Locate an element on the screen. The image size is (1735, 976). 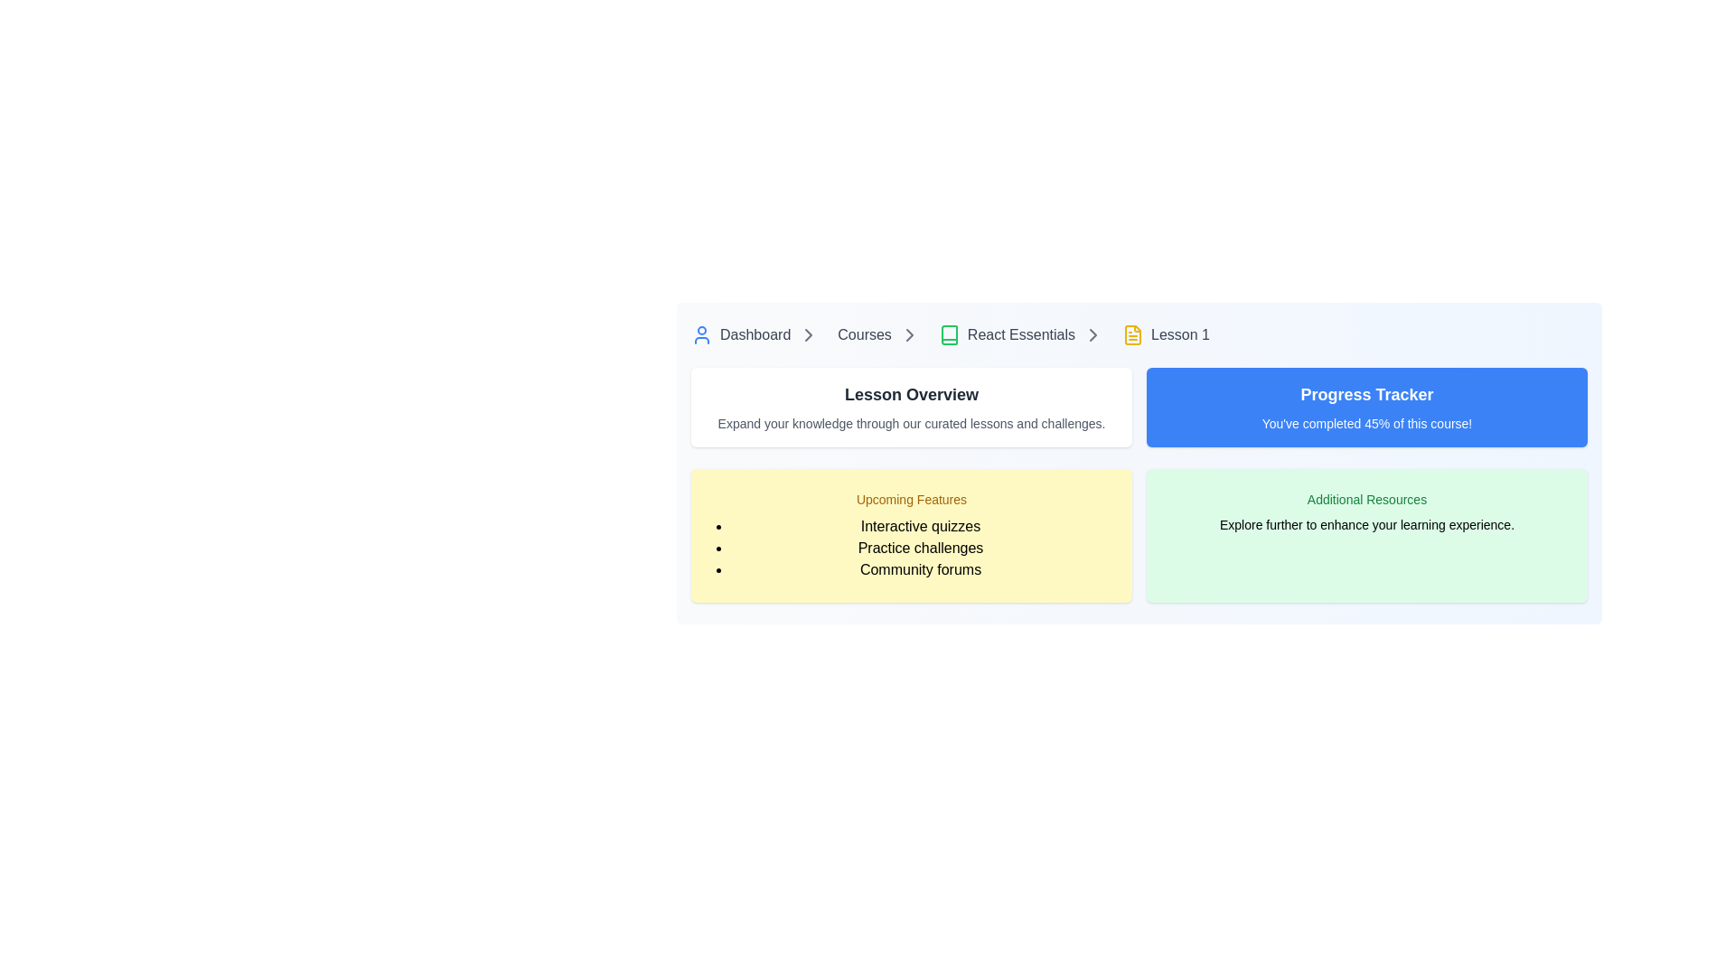
the small green book icon located between the 'Courses' and 'React Essentials' labels in the breadcrumb navigation at the top of the page for context information is located at coordinates (948, 334).